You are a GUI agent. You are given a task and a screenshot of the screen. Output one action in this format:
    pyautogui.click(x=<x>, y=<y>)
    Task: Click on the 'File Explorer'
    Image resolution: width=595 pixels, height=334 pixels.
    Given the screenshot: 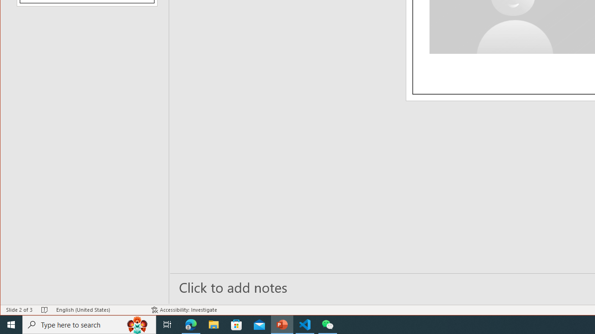 What is the action you would take?
    pyautogui.click(x=213, y=324)
    